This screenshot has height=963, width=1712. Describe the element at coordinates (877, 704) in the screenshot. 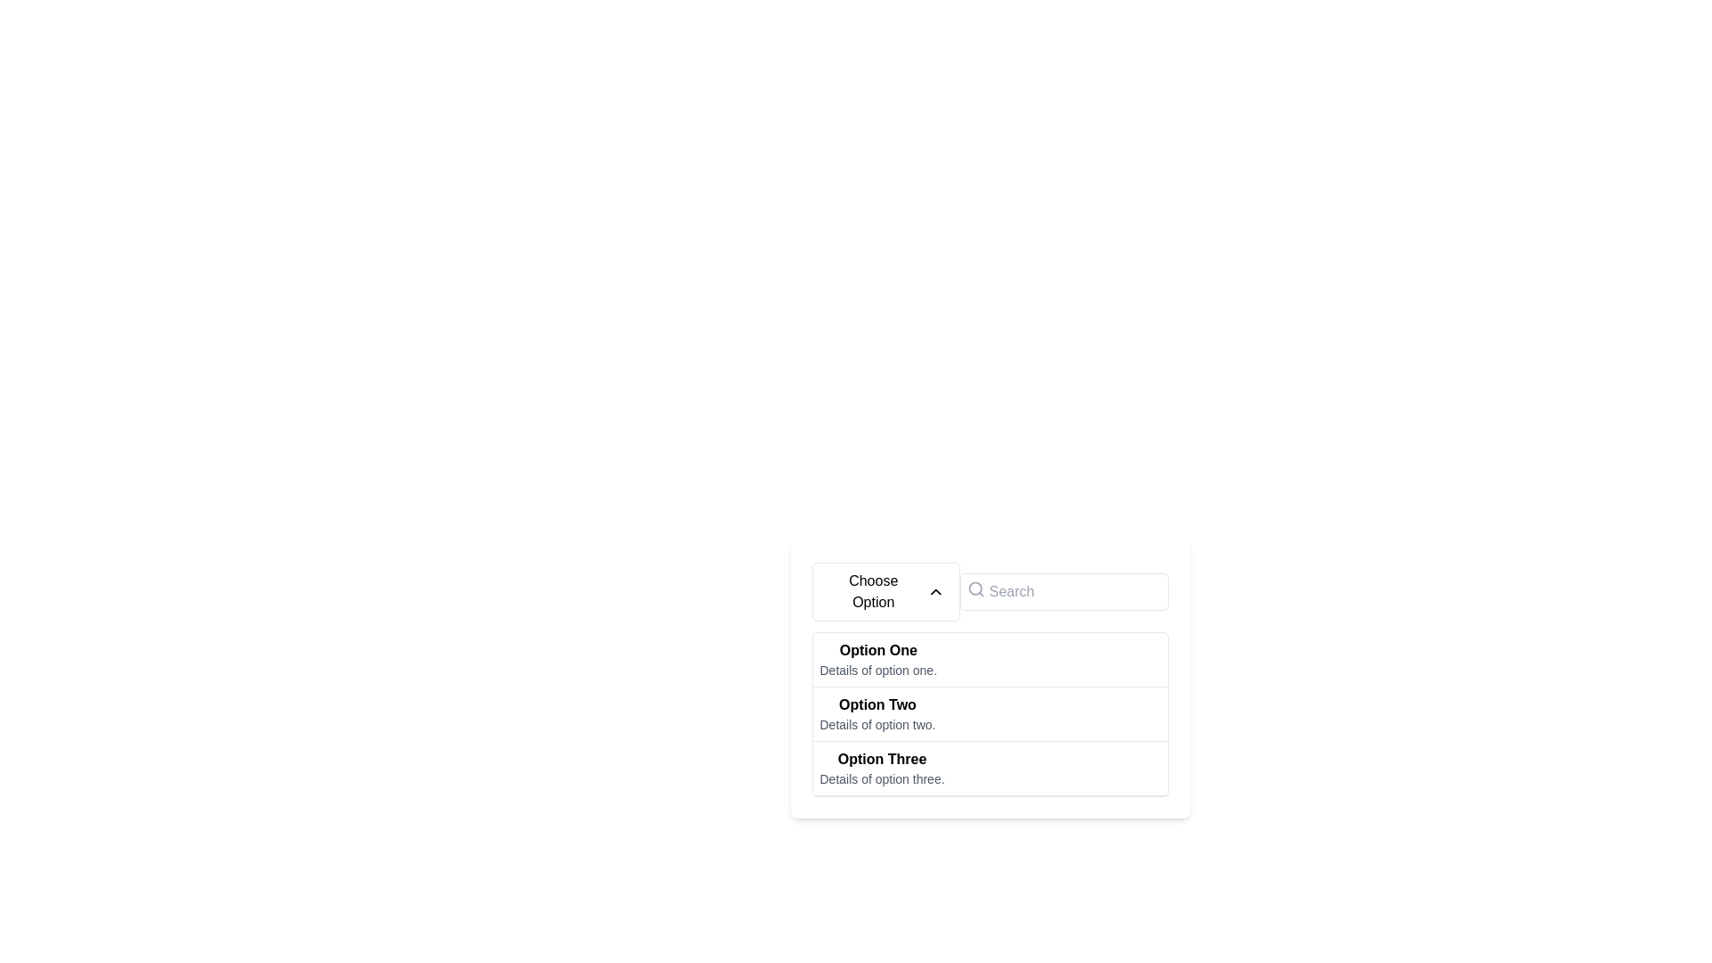

I see `the text label 'Option Two' which serves as the title for the selection option, located above the descriptive text 'Details of option two.' and is the second option in a vertical list below the dropdown labeled 'Choose Option'` at that location.